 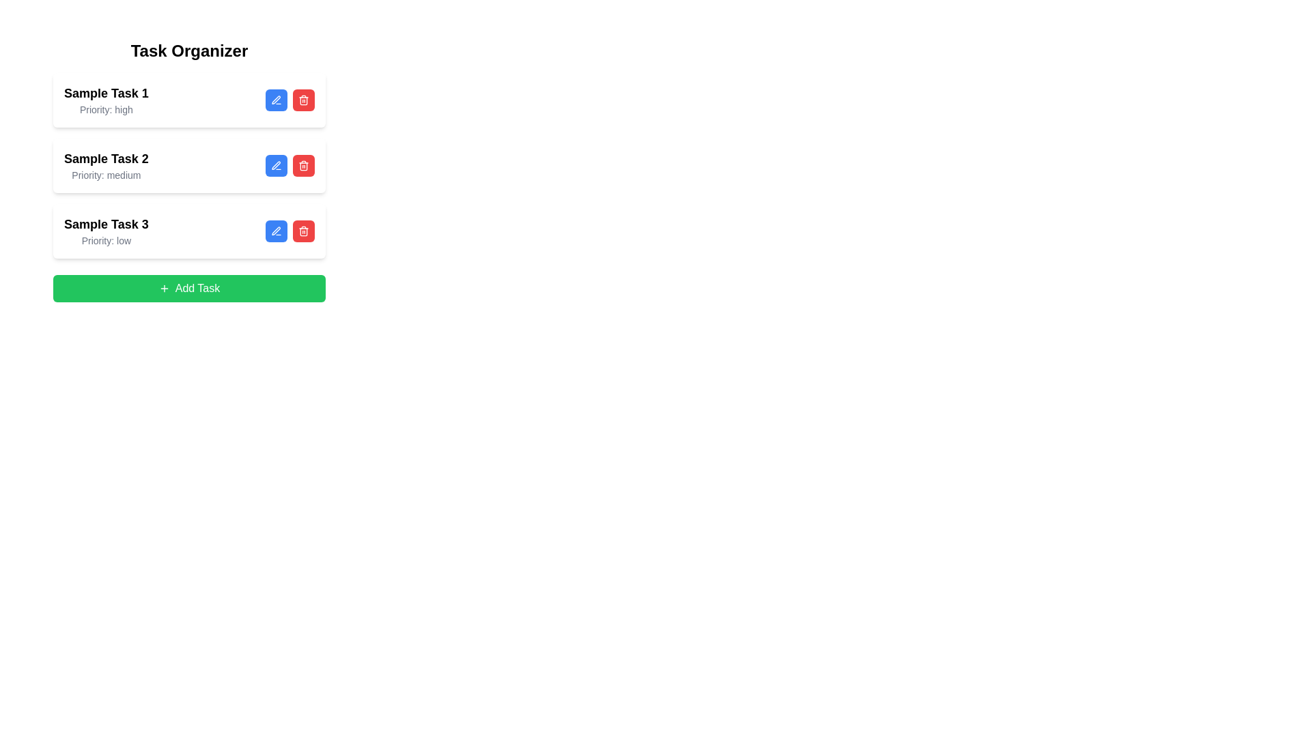 I want to click on the edit button, which is the blue button with a white pen icon, located within the 'Sample Task 2' card at the rightmost part, adjacent to 'Priority: medium', so click(x=290, y=165).